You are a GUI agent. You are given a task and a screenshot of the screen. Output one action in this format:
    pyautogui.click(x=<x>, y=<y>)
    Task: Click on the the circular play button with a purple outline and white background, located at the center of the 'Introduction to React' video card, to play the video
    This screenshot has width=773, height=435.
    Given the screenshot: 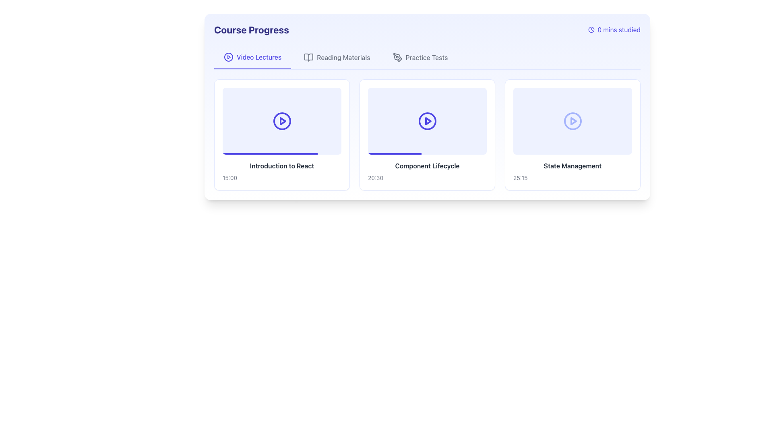 What is the action you would take?
    pyautogui.click(x=282, y=121)
    